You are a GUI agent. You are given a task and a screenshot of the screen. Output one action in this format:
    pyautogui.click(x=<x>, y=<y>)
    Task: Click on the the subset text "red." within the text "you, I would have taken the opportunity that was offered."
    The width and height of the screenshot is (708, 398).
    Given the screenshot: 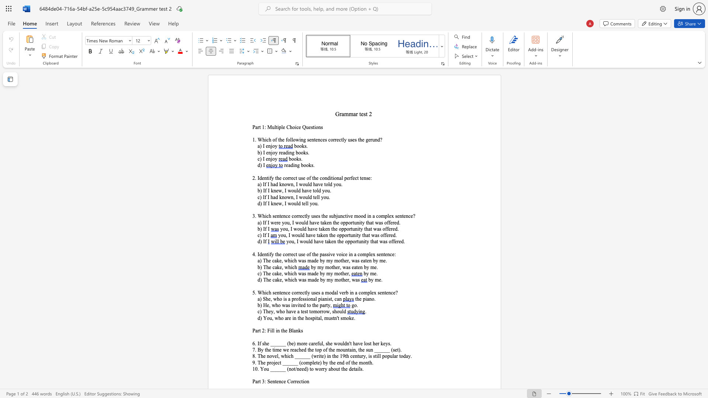 What is the action you would take?
    pyautogui.click(x=391, y=228)
    